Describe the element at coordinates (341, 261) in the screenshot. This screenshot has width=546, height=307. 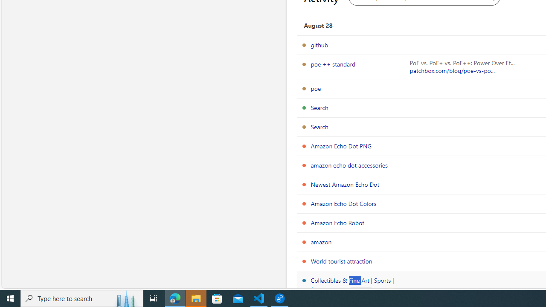
I see `'World tourist attraction'` at that location.